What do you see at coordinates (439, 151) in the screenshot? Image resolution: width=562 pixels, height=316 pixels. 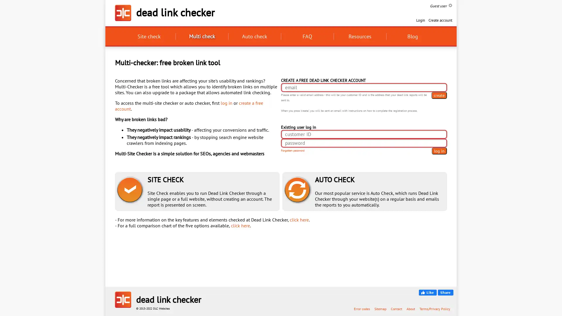 I see `log in` at bounding box center [439, 151].